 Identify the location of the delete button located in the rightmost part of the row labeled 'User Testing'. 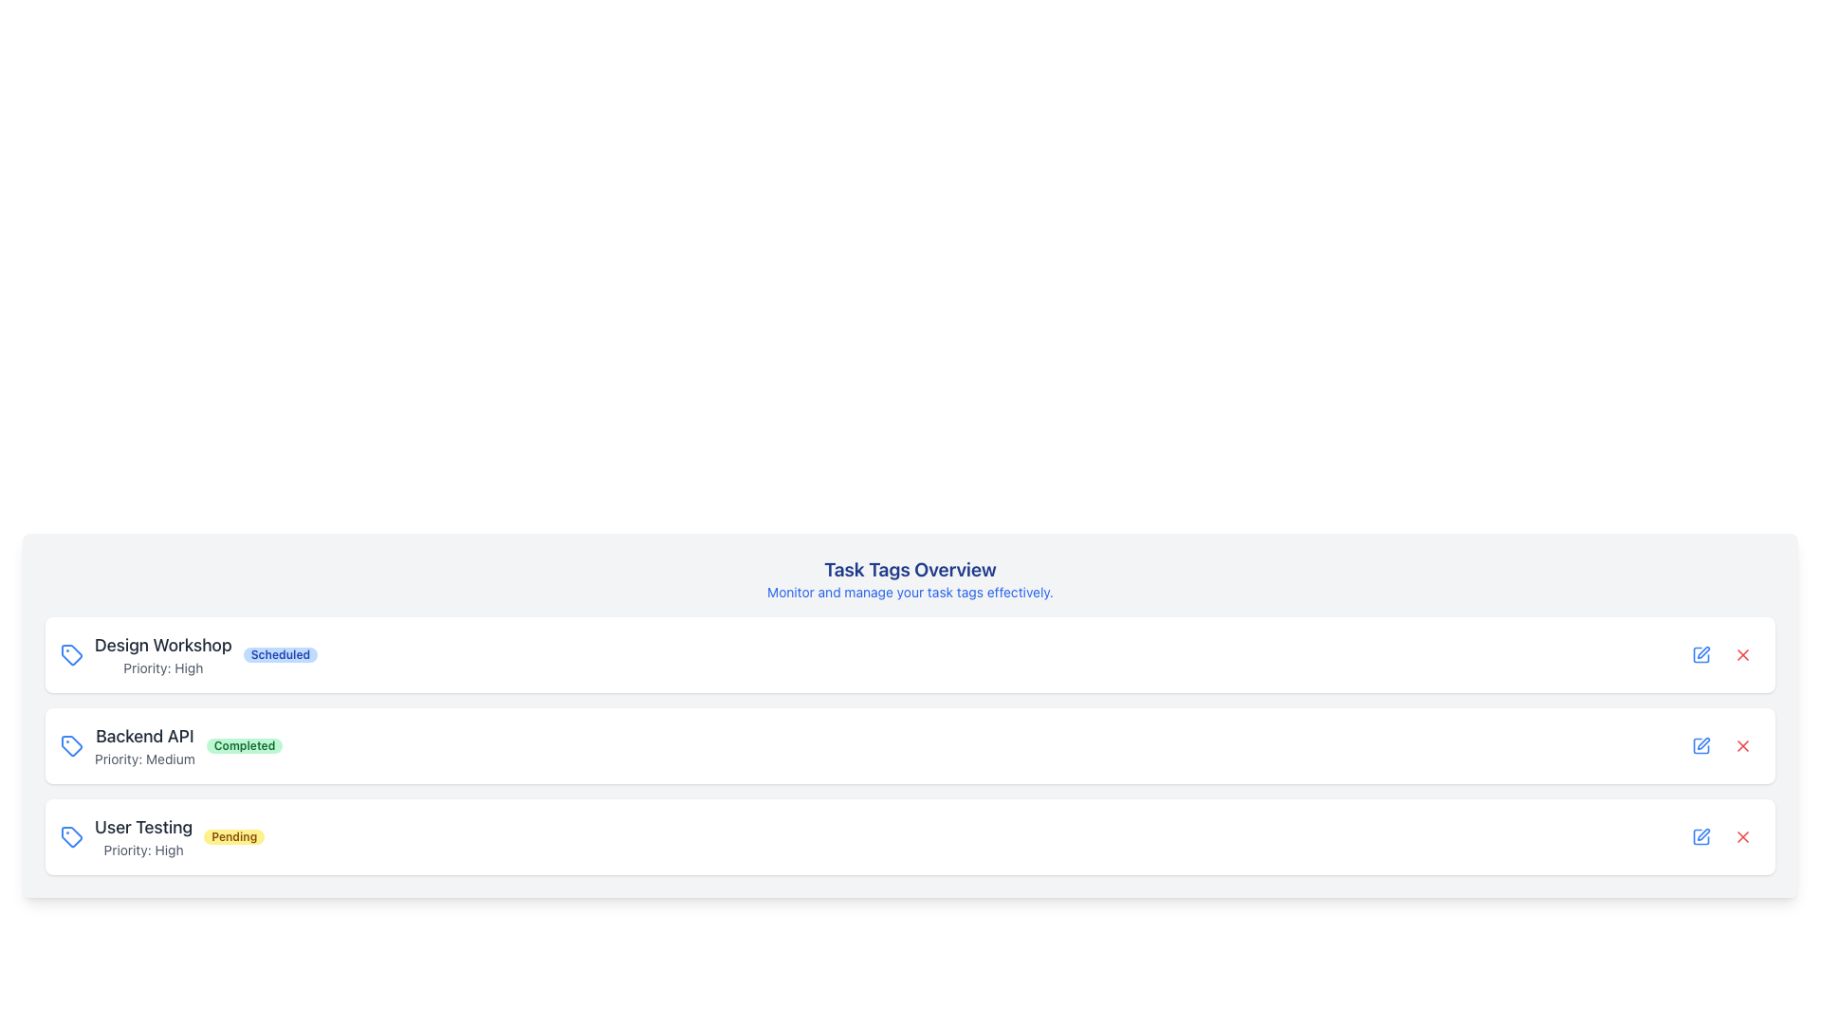
(1743, 744).